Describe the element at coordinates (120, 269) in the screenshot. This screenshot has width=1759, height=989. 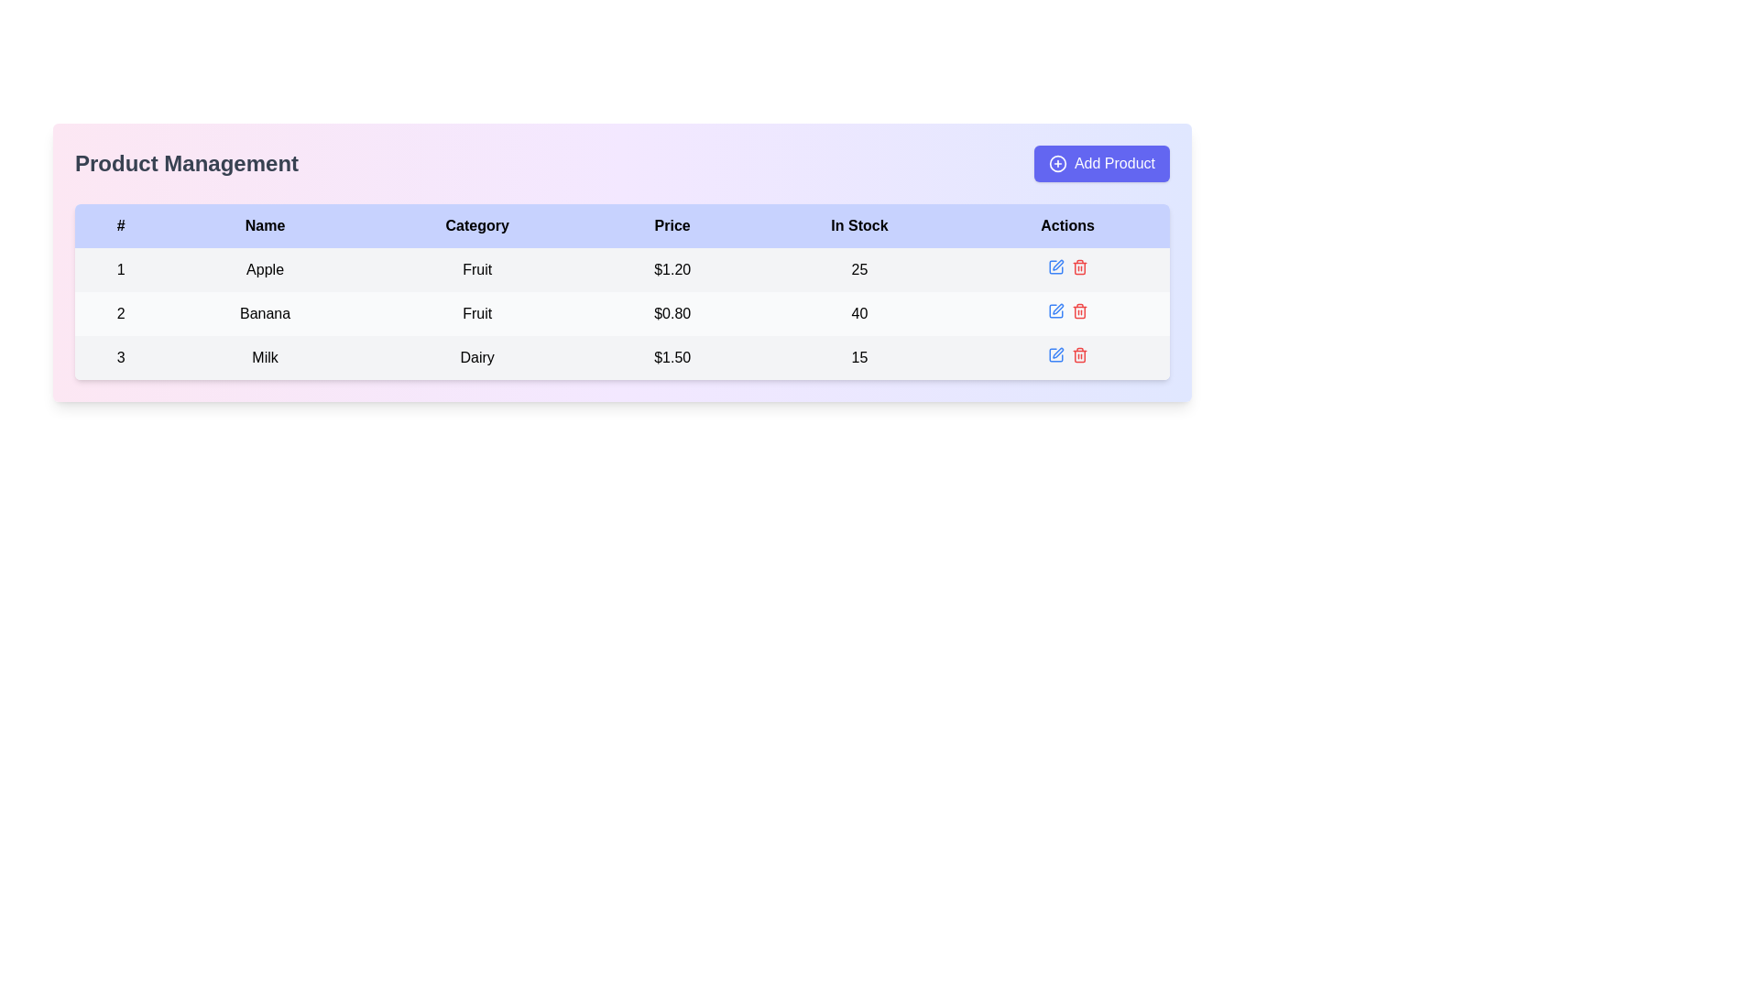
I see `the text element that serves as an identifier in the first row and first column of the table, located underneath the '#' header` at that location.